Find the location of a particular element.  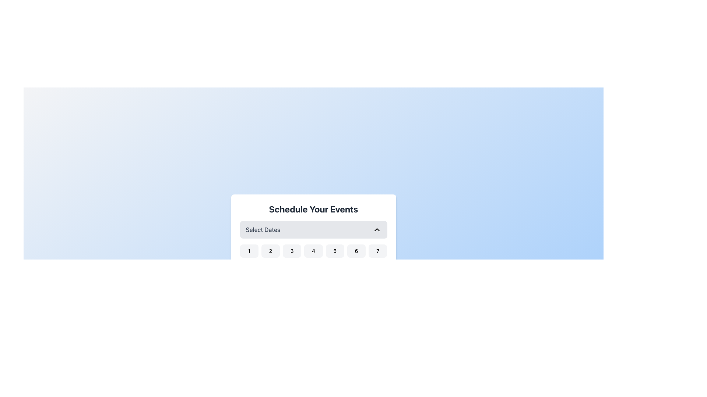

the sixth button in the second row of the grid layout under the 'Select Dates' dropdown is located at coordinates (356, 267).